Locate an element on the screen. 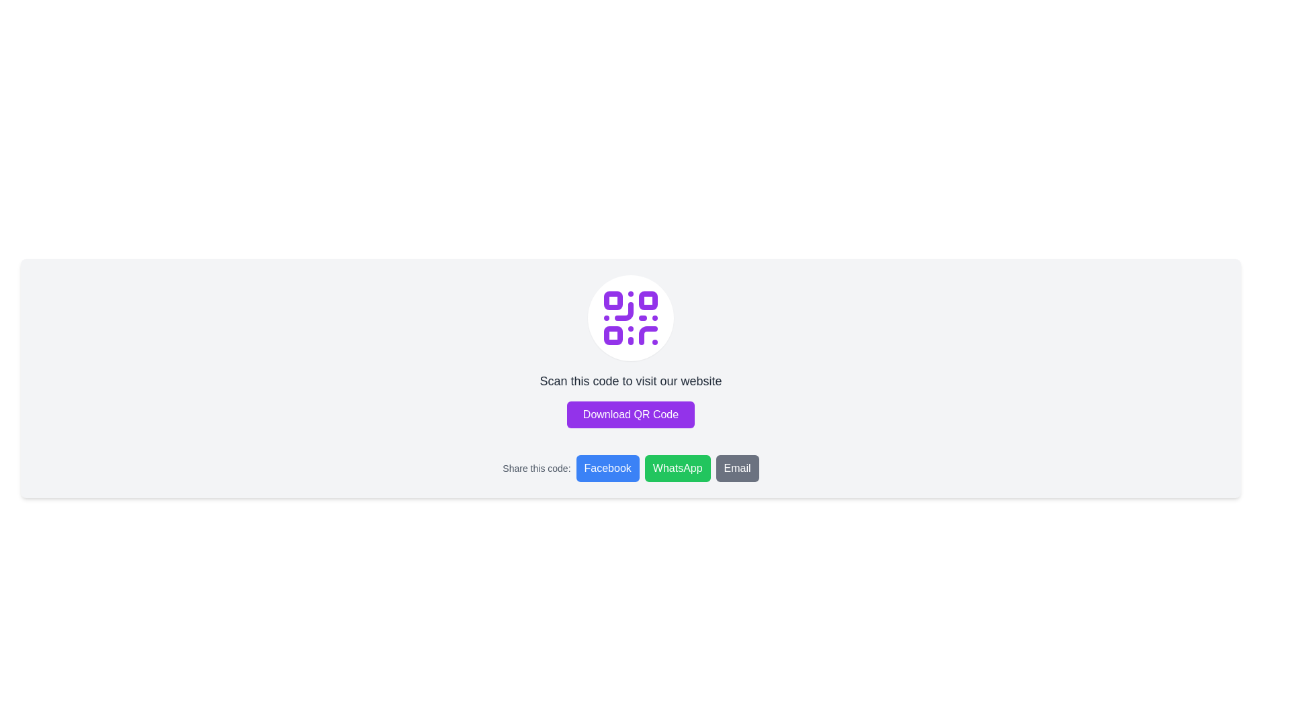 Image resolution: width=1290 pixels, height=725 pixels. the WhatsApp button in the horizontal button group to share the information on WhatsApp is located at coordinates (667, 468).